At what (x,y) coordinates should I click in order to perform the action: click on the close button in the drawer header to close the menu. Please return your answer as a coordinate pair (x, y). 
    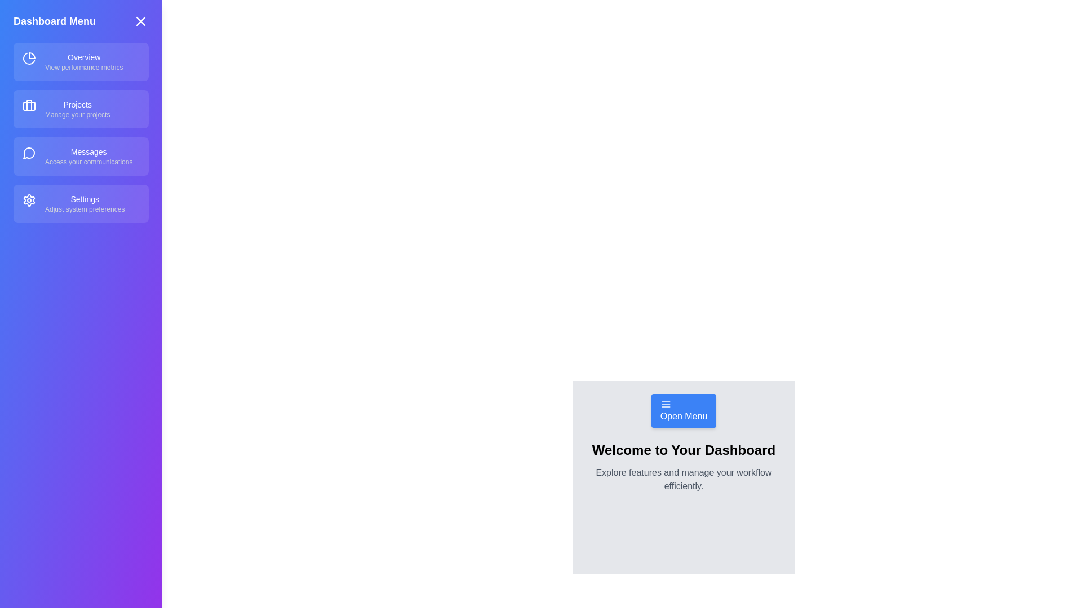
    Looking at the image, I should click on (140, 21).